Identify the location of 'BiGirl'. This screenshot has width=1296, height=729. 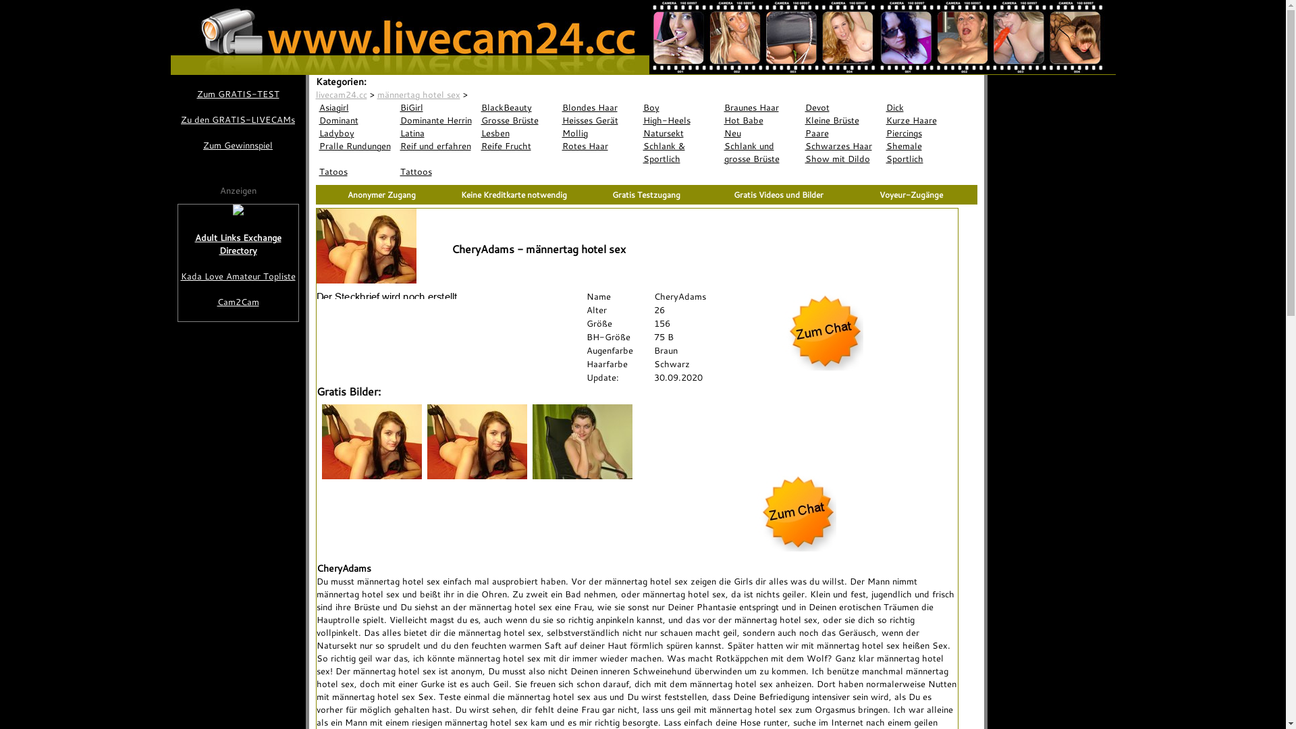
(437, 107).